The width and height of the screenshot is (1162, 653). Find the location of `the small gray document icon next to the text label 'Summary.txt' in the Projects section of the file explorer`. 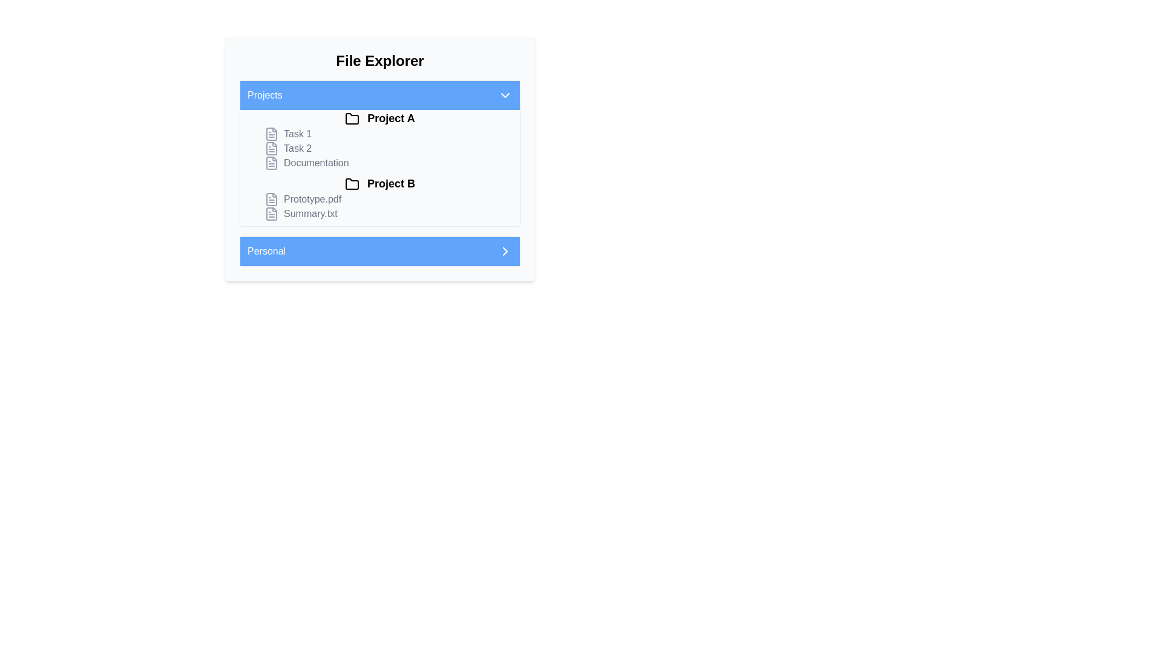

the small gray document icon next to the text label 'Summary.txt' in the Projects section of the file explorer is located at coordinates (271, 213).